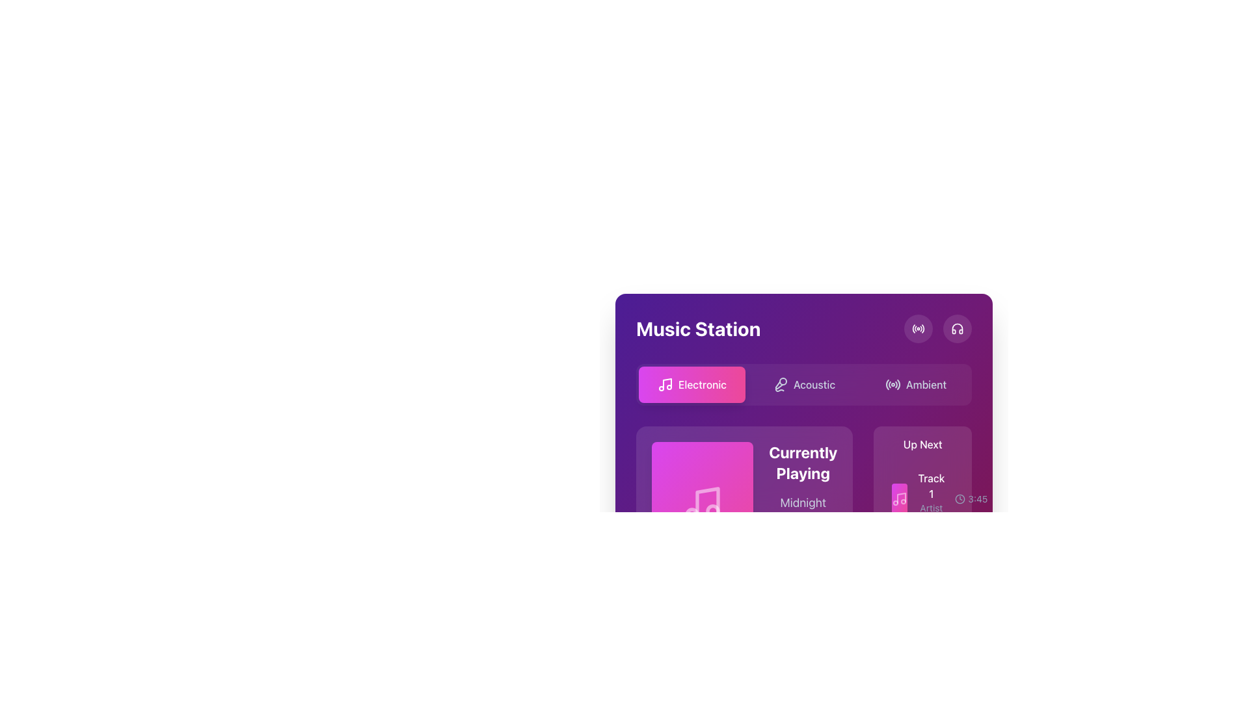 The image size is (1249, 702). What do you see at coordinates (814, 383) in the screenshot?
I see `the 'Acoustic' music category label or button, which is located to the right of a microphone icon` at bounding box center [814, 383].